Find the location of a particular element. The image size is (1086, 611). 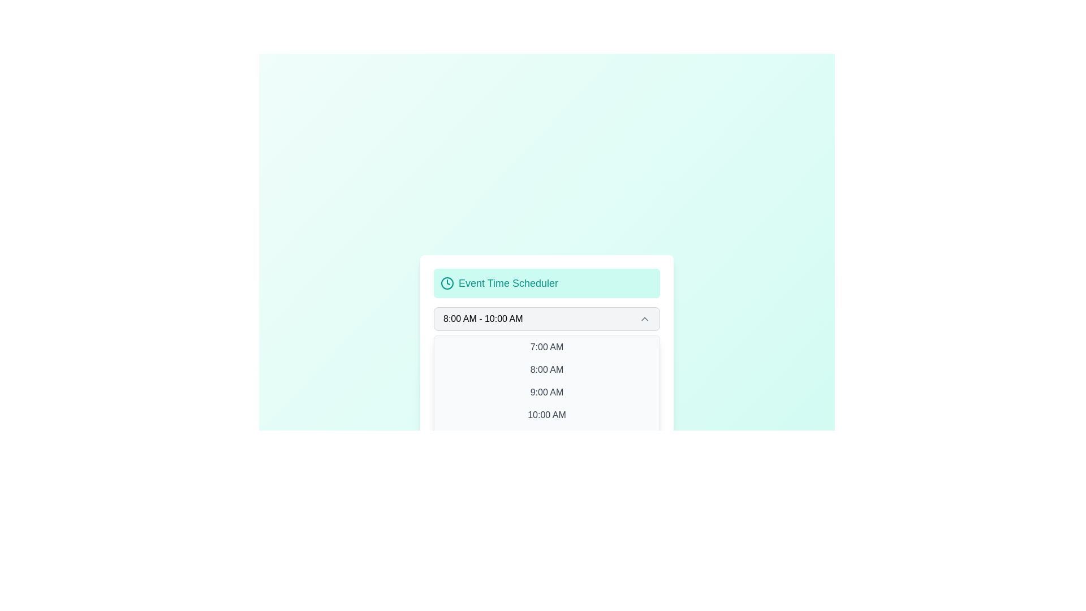

the time option displaying '10:00 AM' in gray font is located at coordinates (546, 415).